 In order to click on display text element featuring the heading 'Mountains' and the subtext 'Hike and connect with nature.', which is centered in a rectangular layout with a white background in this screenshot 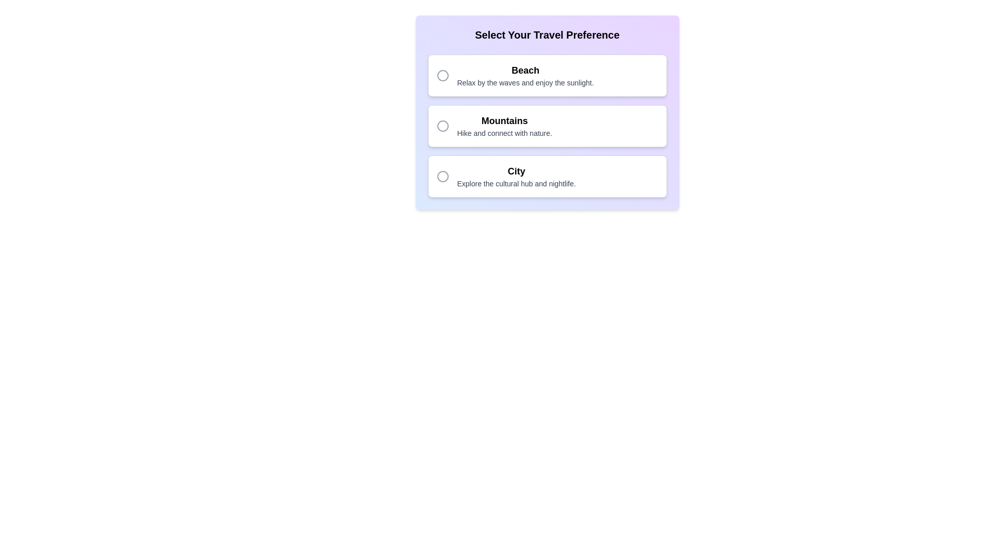, I will do `click(504, 126)`.